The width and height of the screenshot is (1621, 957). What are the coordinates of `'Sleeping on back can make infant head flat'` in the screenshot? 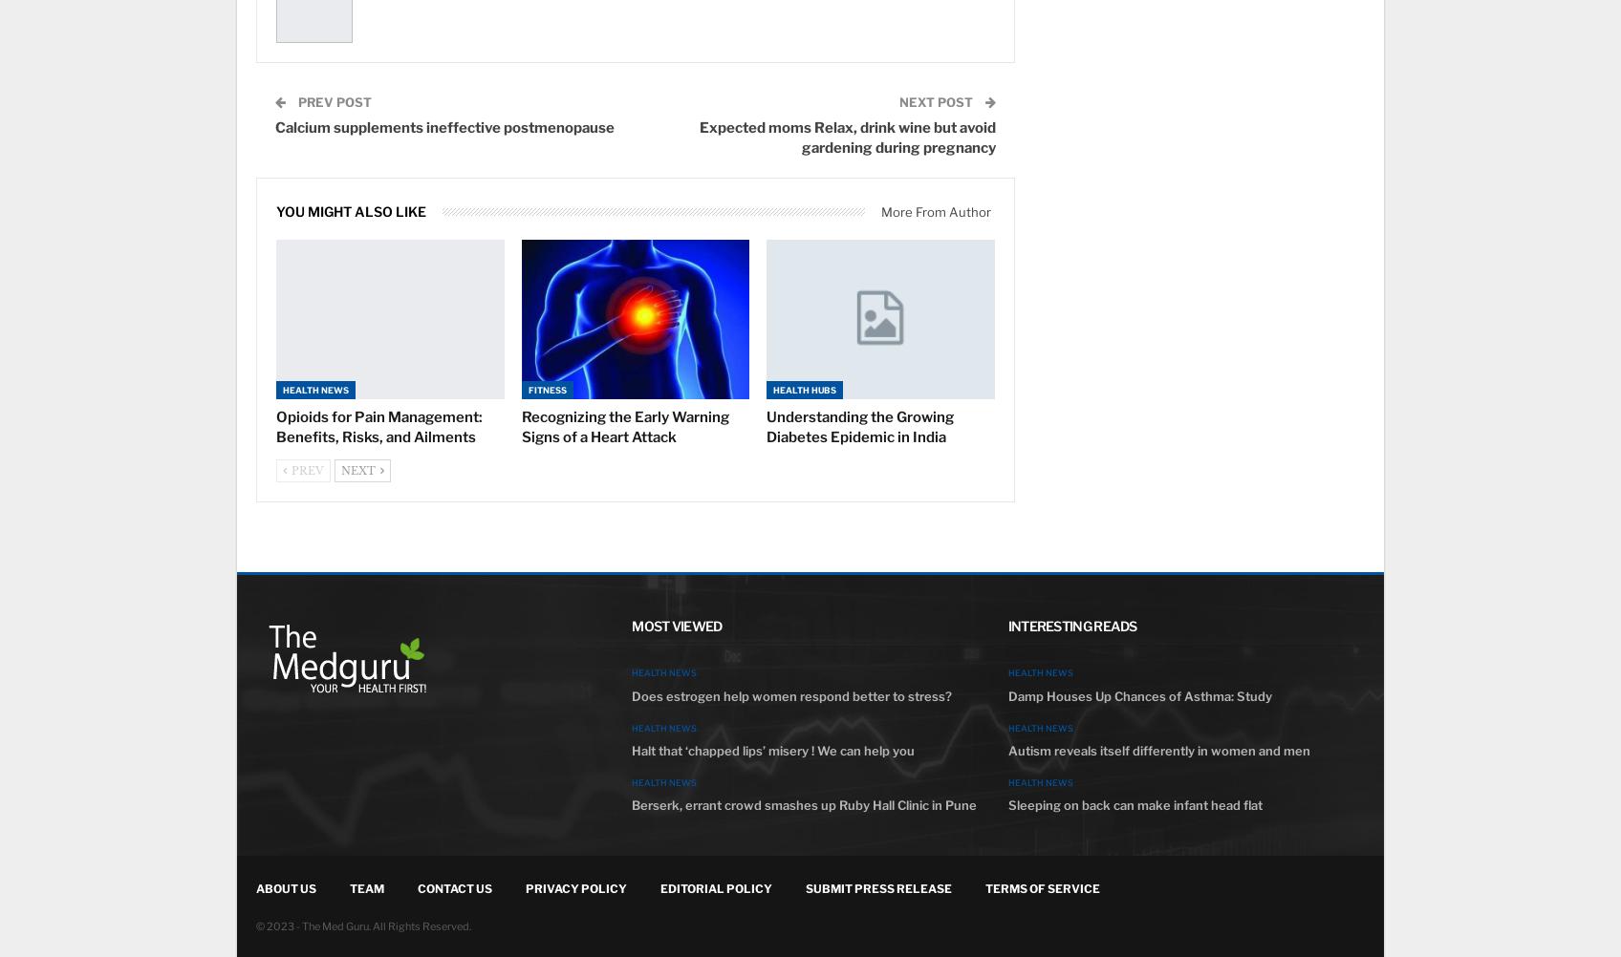 It's located at (1135, 804).